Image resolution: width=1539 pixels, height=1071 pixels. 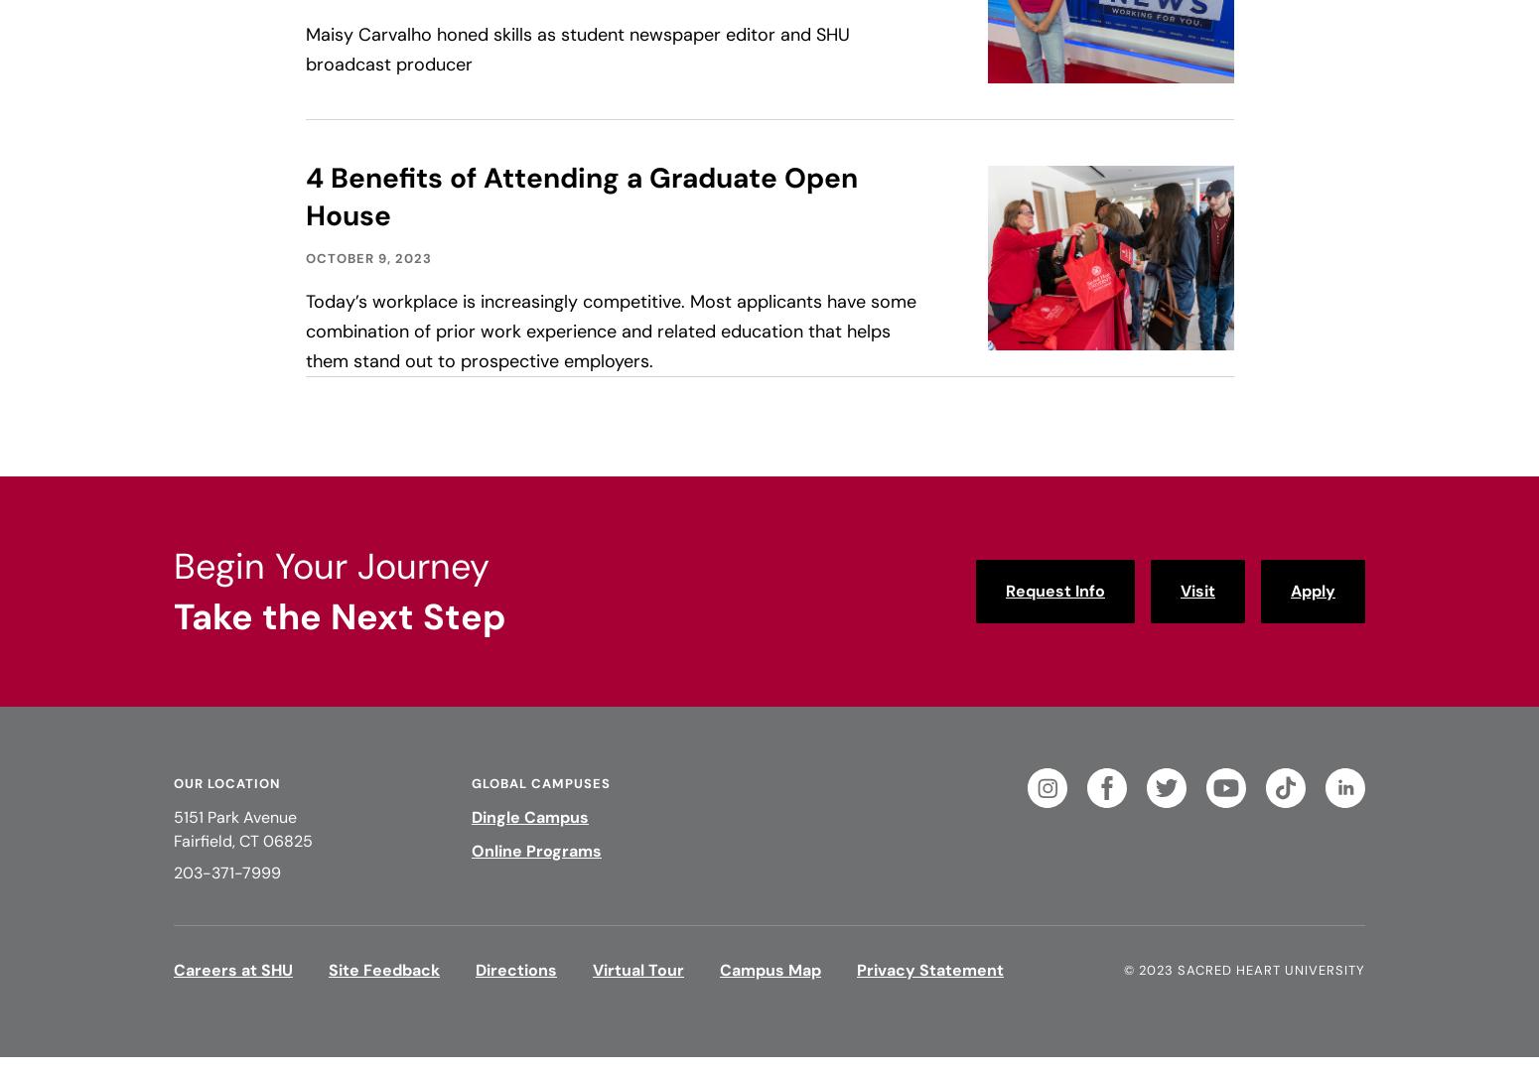 I want to click on 'Take the Next Step', so click(x=339, y=616).